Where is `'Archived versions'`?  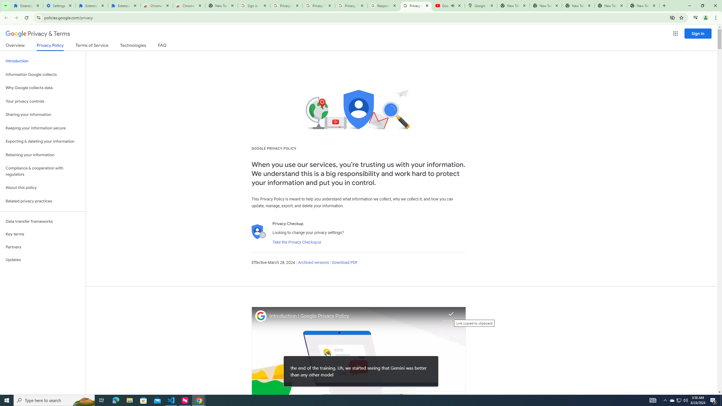
'Archived versions' is located at coordinates (313, 262).